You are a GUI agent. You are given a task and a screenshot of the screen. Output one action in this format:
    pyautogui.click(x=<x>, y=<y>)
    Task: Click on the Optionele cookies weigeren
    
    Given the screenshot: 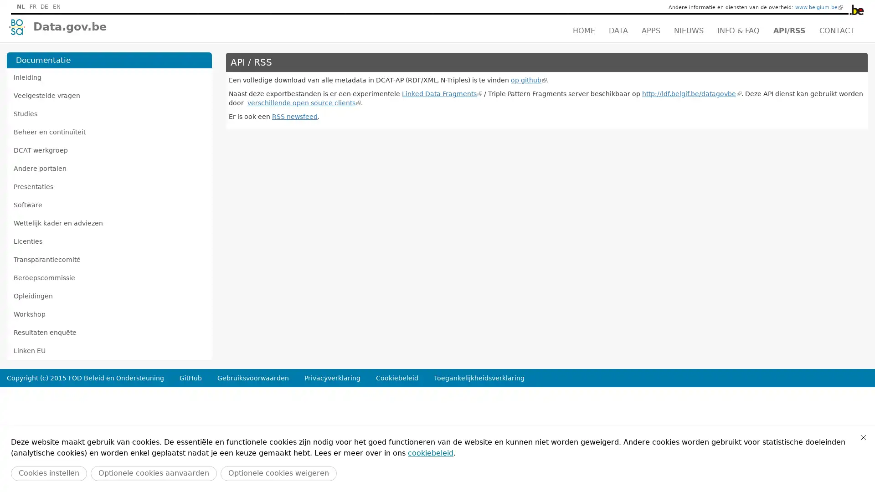 What is the action you would take?
    pyautogui.click(x=278, y=473)
    